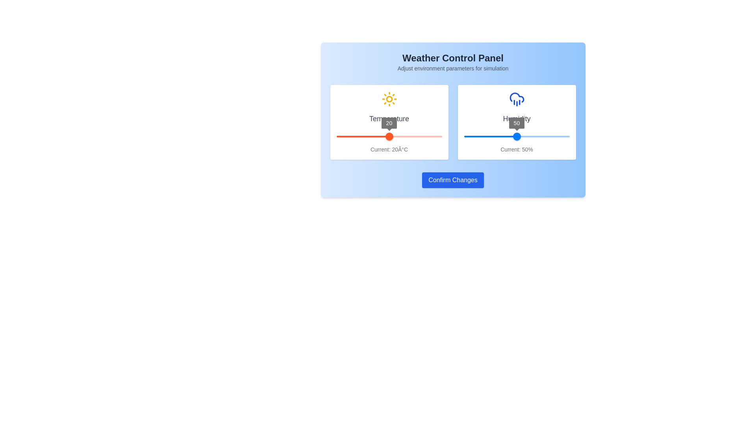 The height and width of the screenshot is (425, 756). Describe the element at coordinates (472, 136) in the screenshot. I see `humidity` at that location.